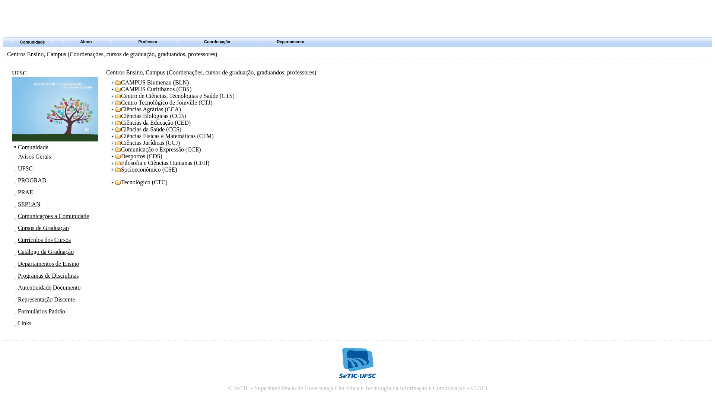  What do you see at coordinates (18, 168) in the screenshot?
I see `'UFSC'` at bounding box center [18, 168].